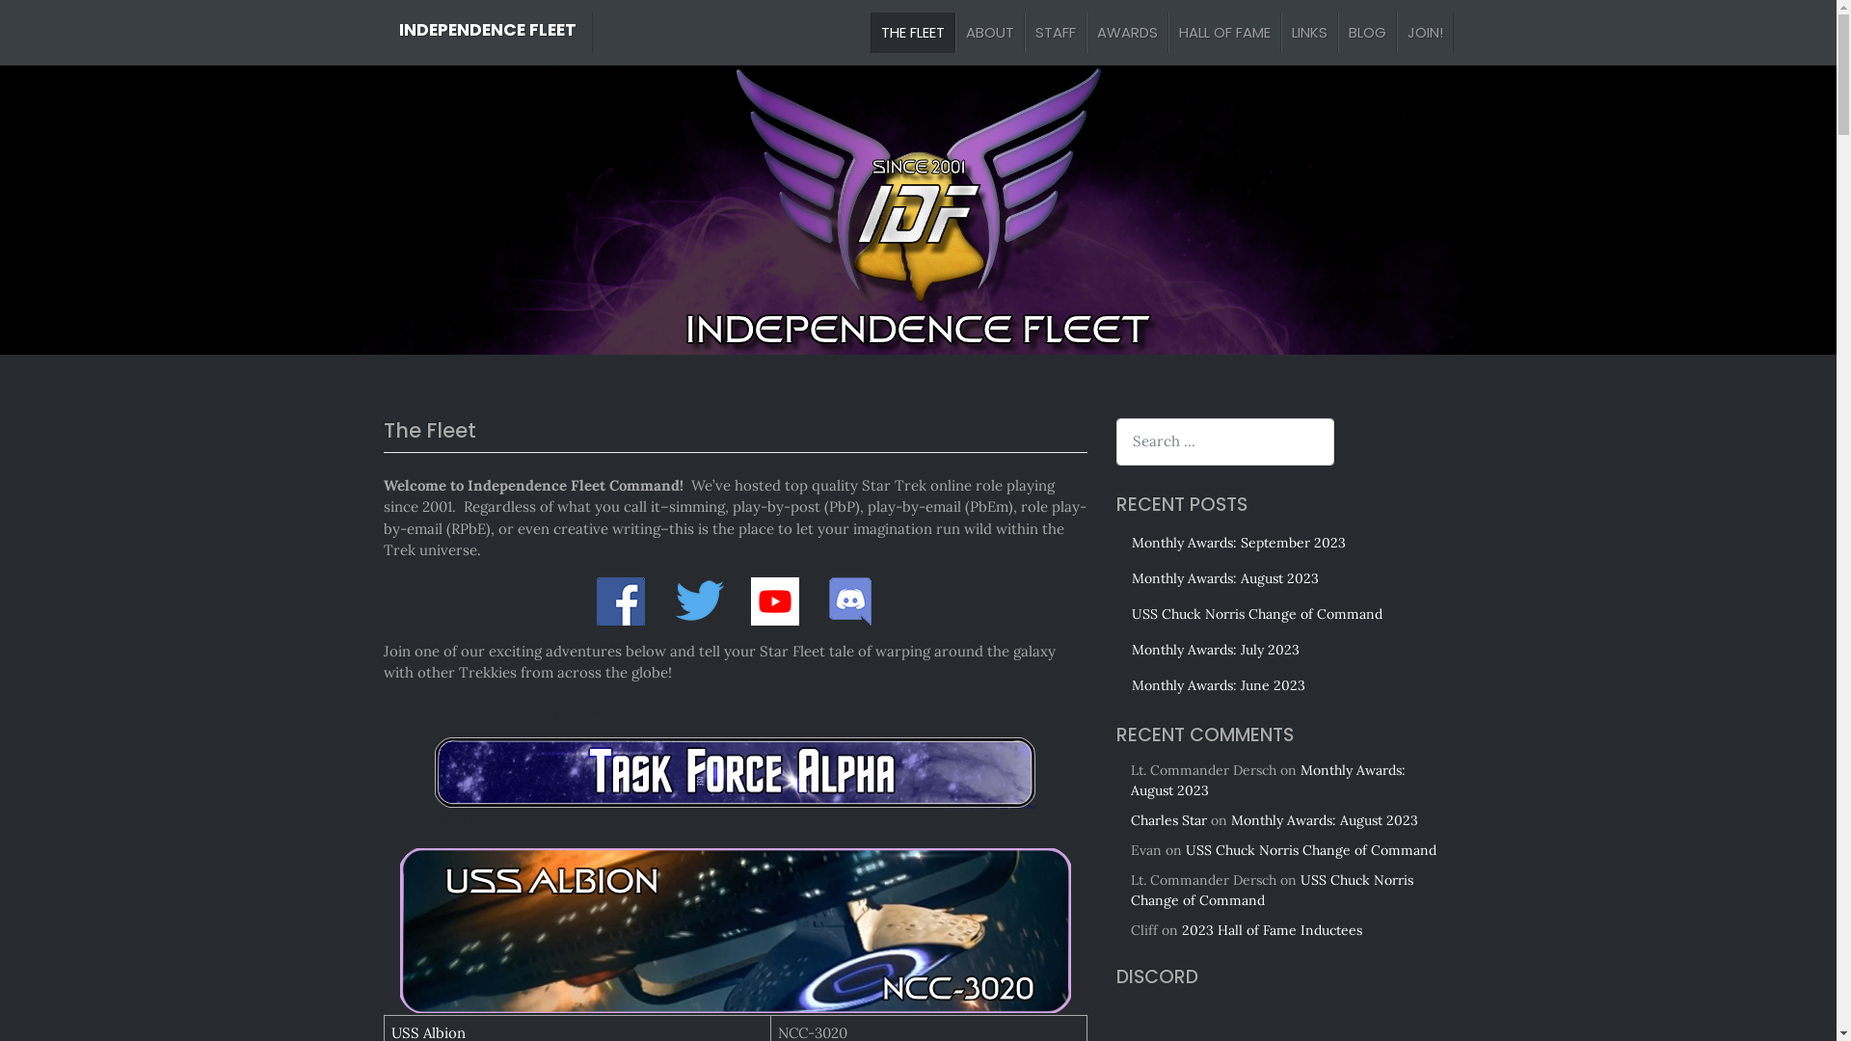 Image resolution: width=1851 pixels, height=1041 pixels. I want to click on 'AWARDS', so click(1126, 33).